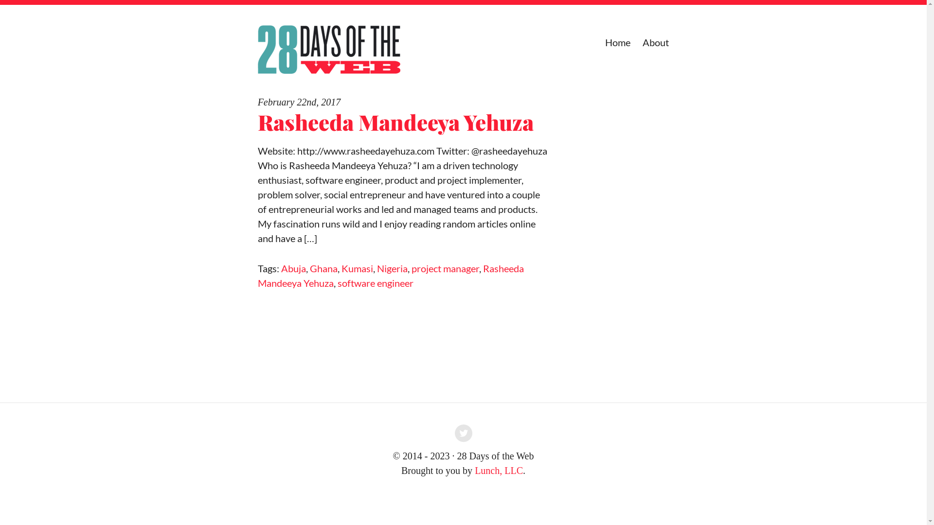  Describe the element at coordinates (463, 434) in the screenshot. I see `'Twitter'` at that location.